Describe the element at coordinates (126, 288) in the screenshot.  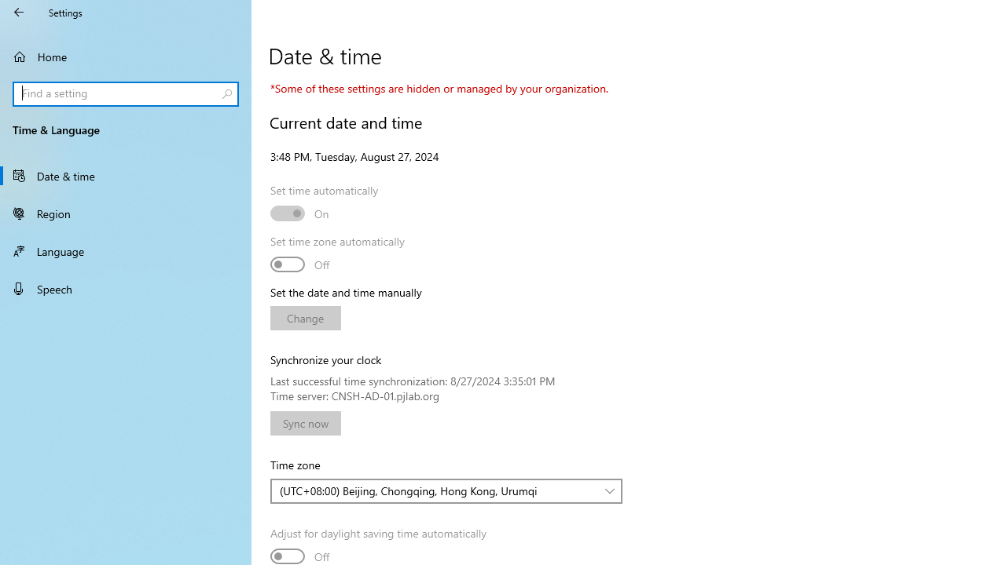
I see `'Speech'` at that location.